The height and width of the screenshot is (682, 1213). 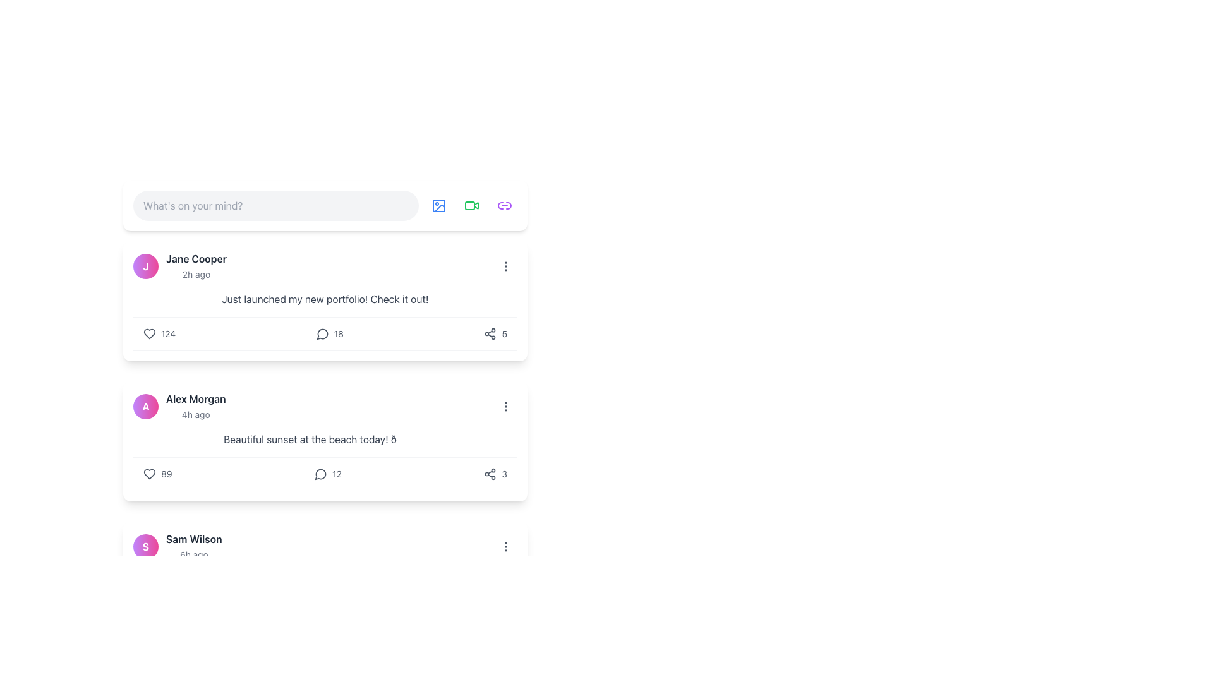 What do you see at coordinates (506, 265) in the screenshot?
I see `the vertical ellipsis icon button located in the top-right corner of the user card displaying 'Jane Cooper' and '2h ago'` at bounding box center [506, 265].